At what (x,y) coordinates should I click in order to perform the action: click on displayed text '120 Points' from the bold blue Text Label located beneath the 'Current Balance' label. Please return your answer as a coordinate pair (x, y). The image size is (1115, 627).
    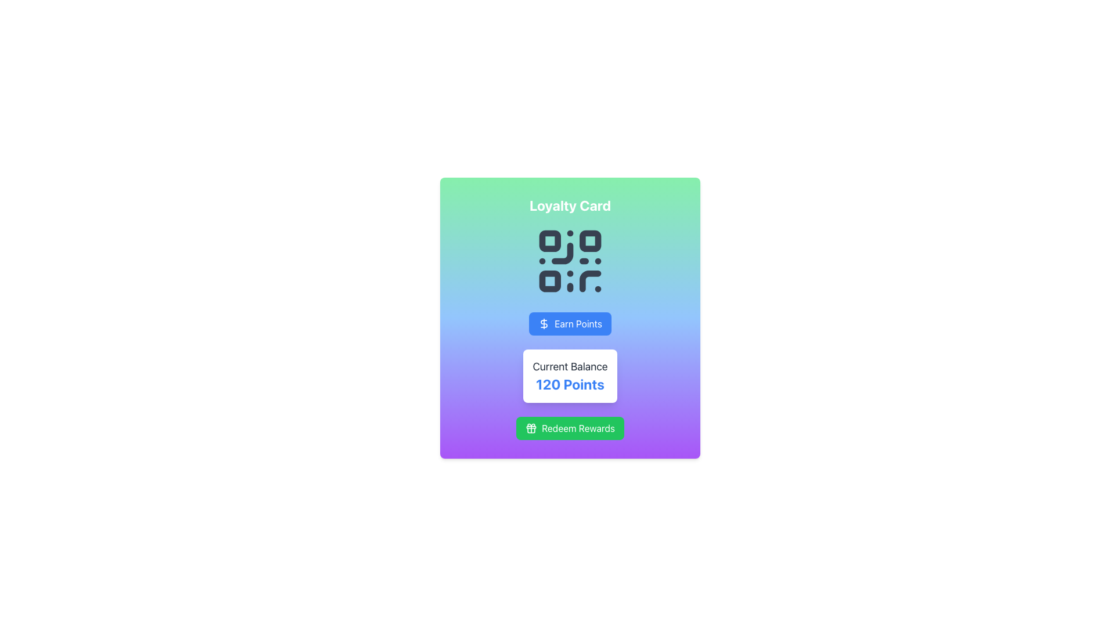
    Looking at the image, I should click on (570, 384).